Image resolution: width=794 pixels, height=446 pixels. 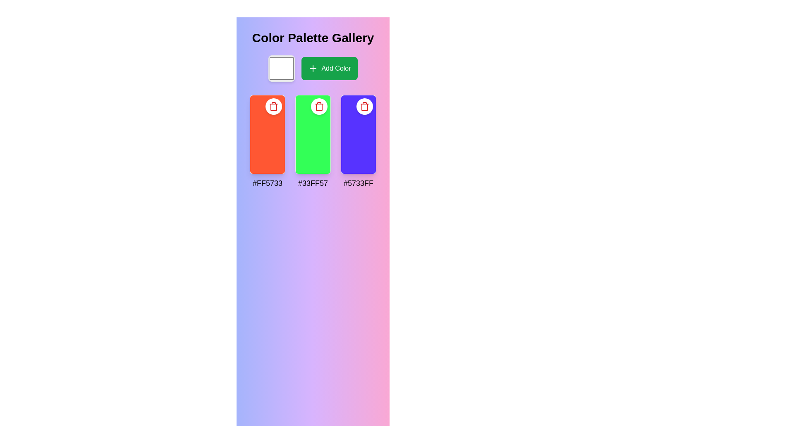 What do you see at coordinates (359, 183) in the screenshot?
I see `the label displaying the hex color code '#5733FF' located below the third color swatch in the color palette gallery` at bounding box center [359, 183].